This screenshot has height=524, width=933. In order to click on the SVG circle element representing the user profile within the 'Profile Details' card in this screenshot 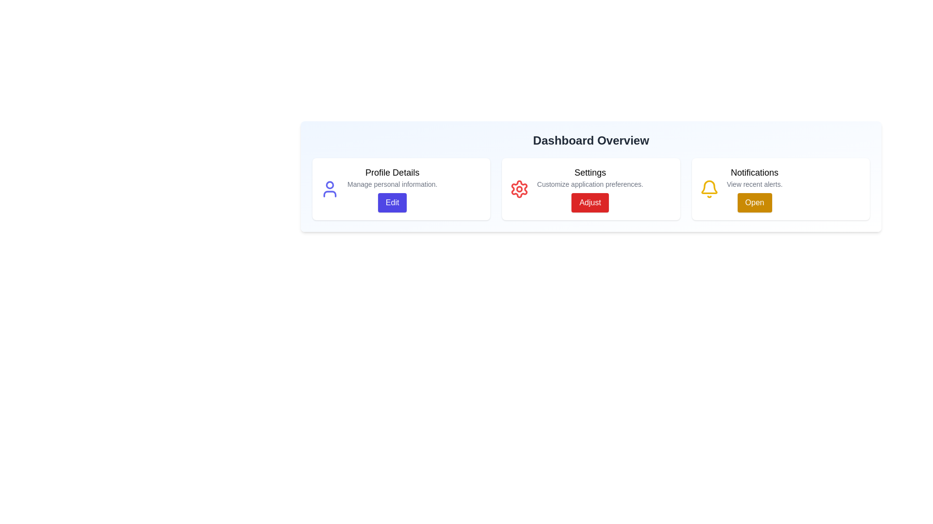, I will do `click(329, 185)`.